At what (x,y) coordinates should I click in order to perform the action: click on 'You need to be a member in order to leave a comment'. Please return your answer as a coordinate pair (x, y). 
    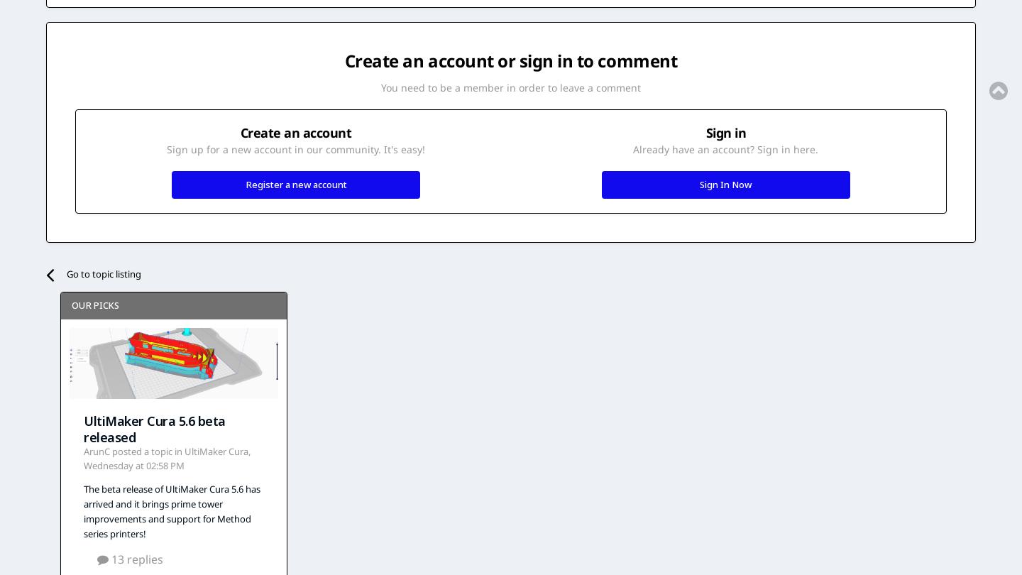
    Looking at the image, I should click on (380, 87).